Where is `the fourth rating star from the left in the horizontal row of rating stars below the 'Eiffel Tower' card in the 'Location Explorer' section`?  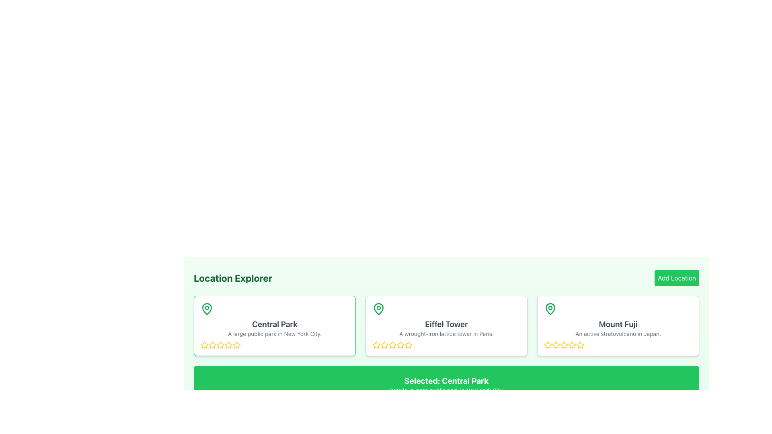 the fourth rating star from the left in the horizontal row of rating stars below the 'Eiffel Tower' card in the 'Location Explorer' section is located at coordinates (392, 345).